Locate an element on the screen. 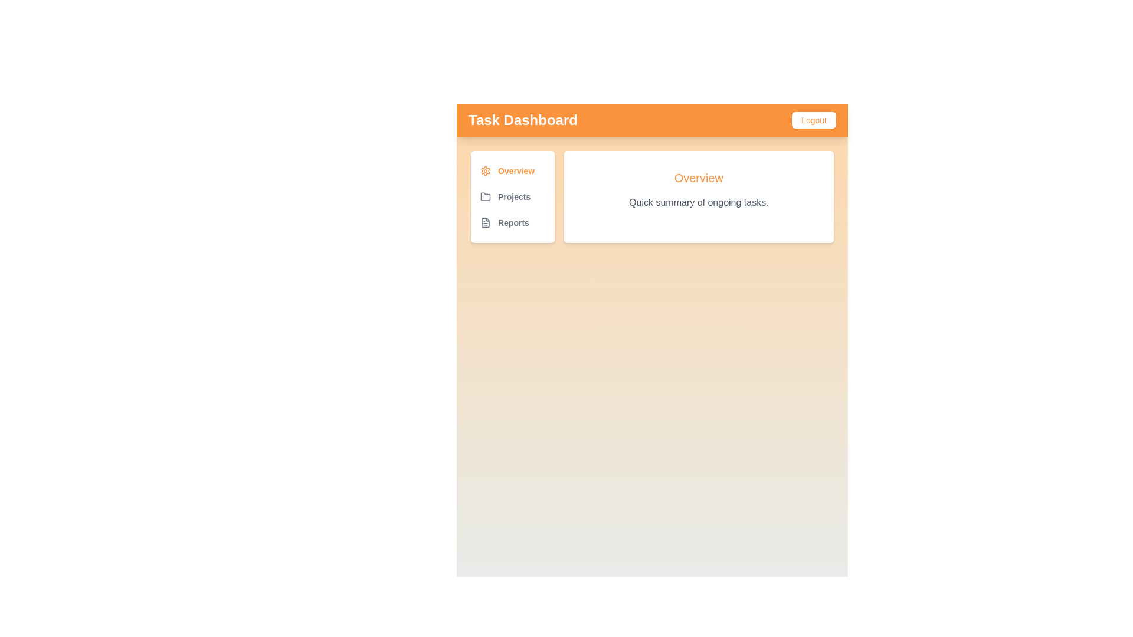 The width and height of the screenshot is (1133, 637). the Text Block that provides a heading and introductory text summarizing tasks by directing attention to it is located at coordinates (699, 189).